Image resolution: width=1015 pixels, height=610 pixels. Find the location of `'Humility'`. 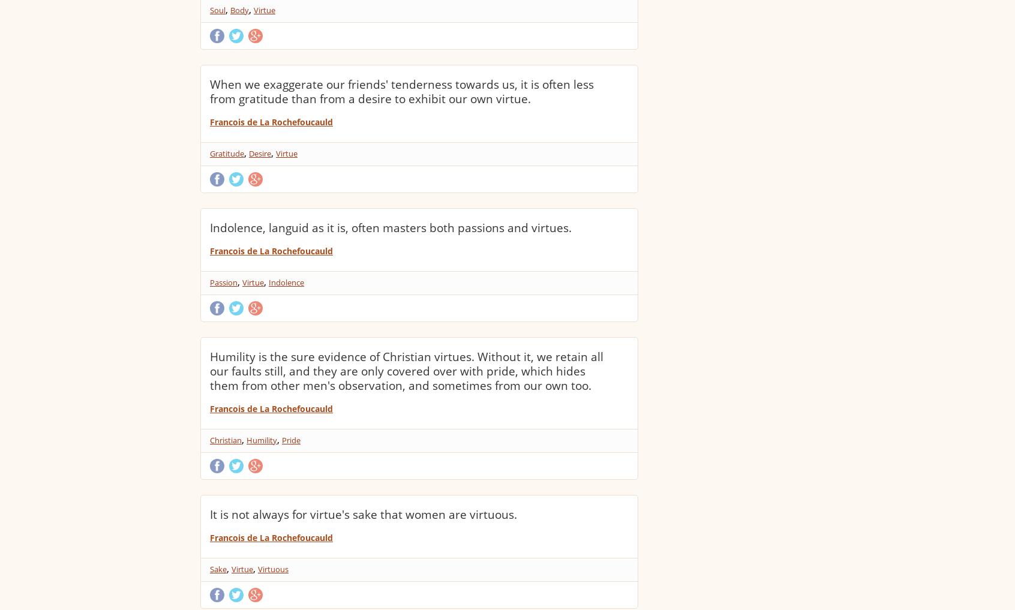

'Humility' is located at coordinates (261, 439).